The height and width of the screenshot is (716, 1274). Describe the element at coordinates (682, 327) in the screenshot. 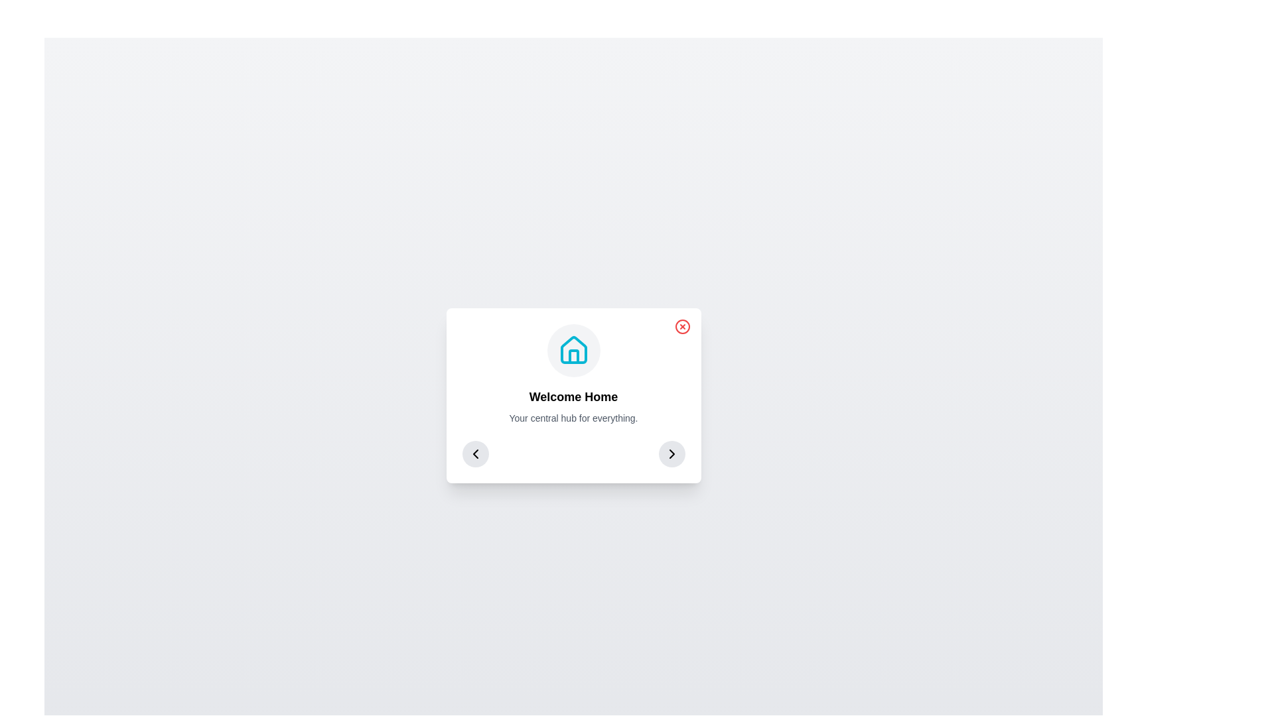

I see `the circular vector graphic located inside the cross mark icon in the top-right of the card component` at that location.